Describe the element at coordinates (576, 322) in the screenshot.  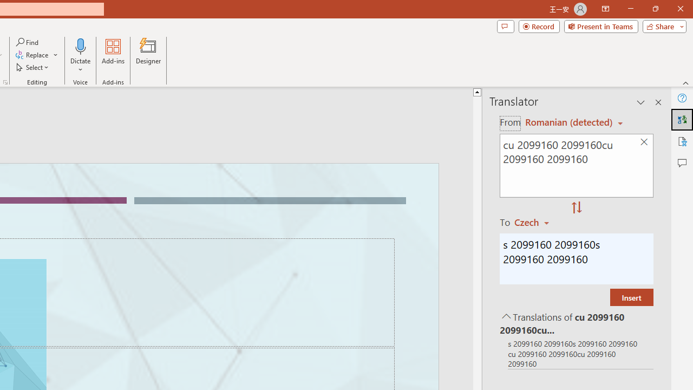
I see `'Translations of cu 2099160 2099160cu 2099160 2099160'` at that location.